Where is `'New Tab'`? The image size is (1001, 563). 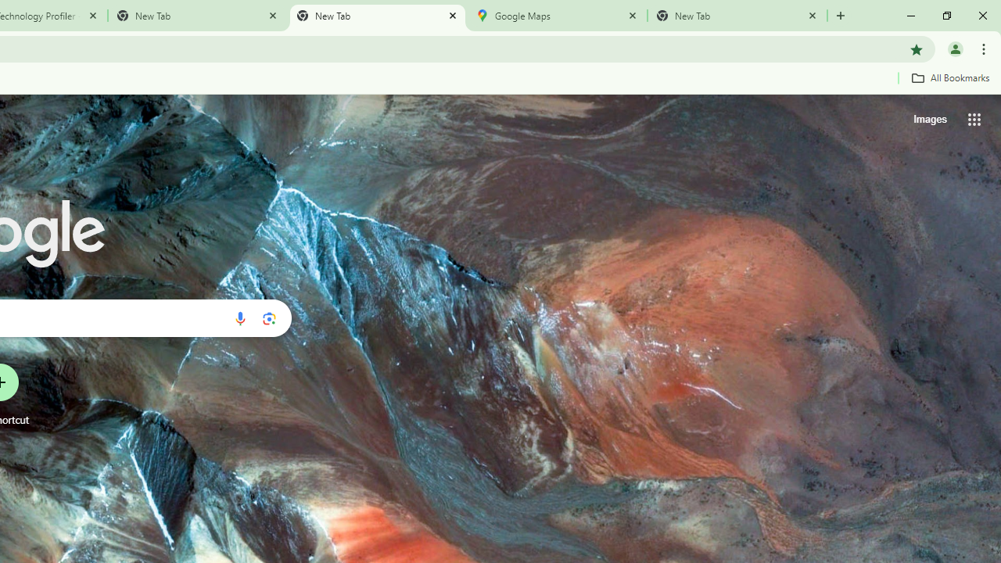
'New Tab' is located at coordinates (737, 16).